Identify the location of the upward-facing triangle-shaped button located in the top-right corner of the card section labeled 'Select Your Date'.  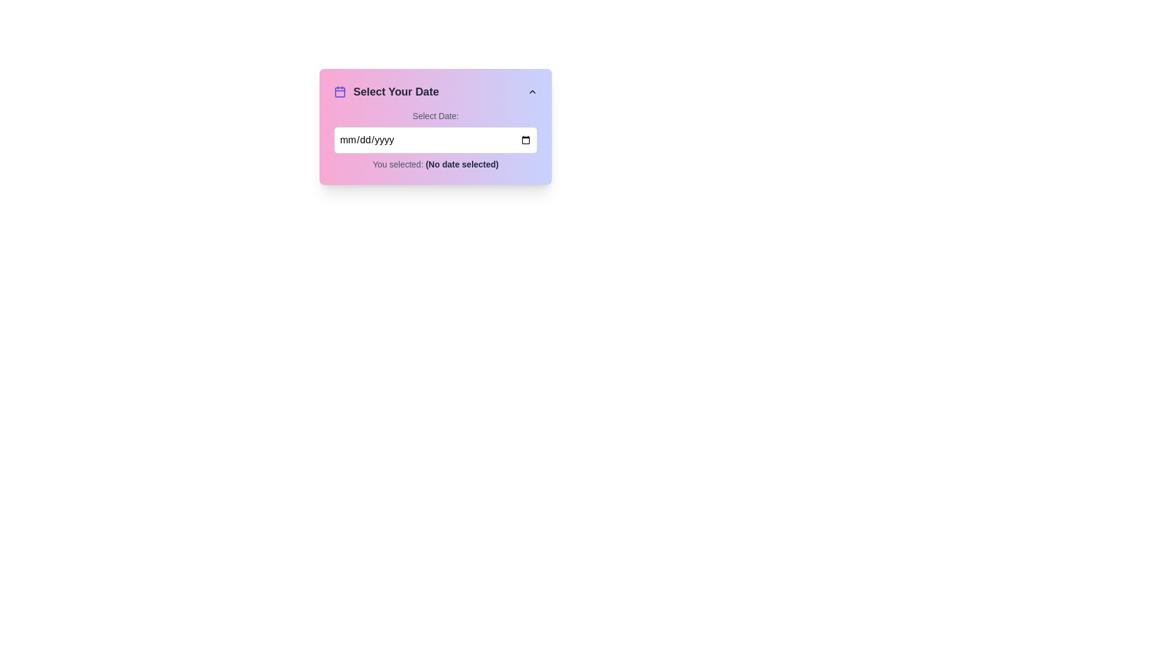
(532, 91).